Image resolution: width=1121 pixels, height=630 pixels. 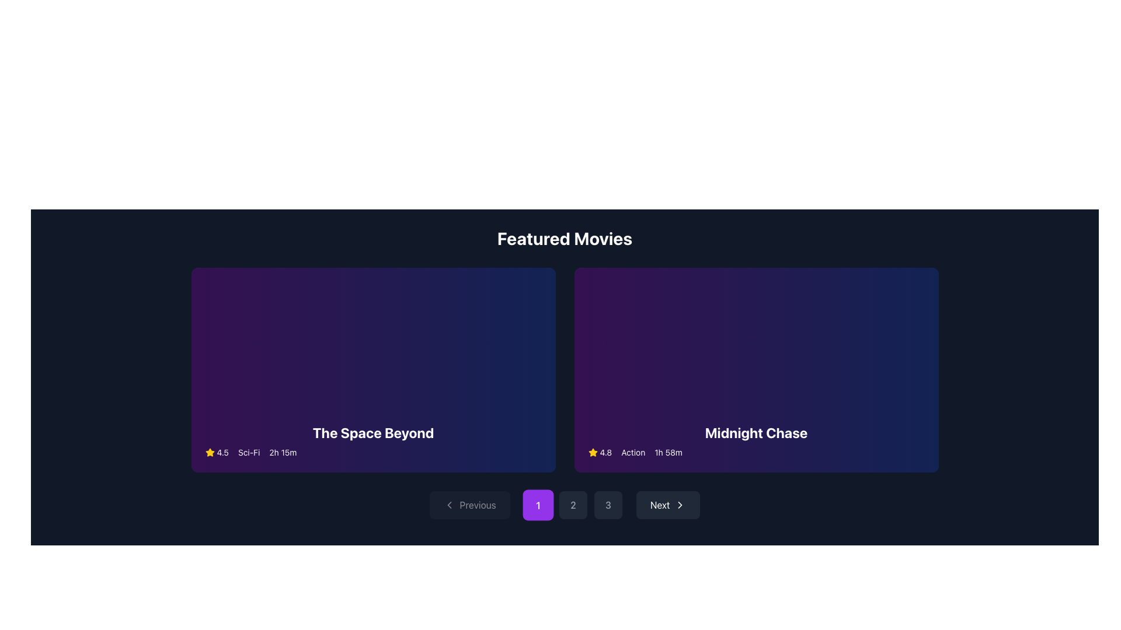 I want to click on the navigation button located at the bottom right corner of the user interface, which is positioned next to the pagination numbers (1, 2, 3), so click(x=668, y=505).